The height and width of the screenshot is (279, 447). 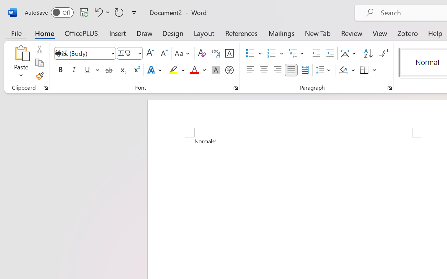 I want to click on 'Undo Apply Quick Style', so click(x=101, y=12).